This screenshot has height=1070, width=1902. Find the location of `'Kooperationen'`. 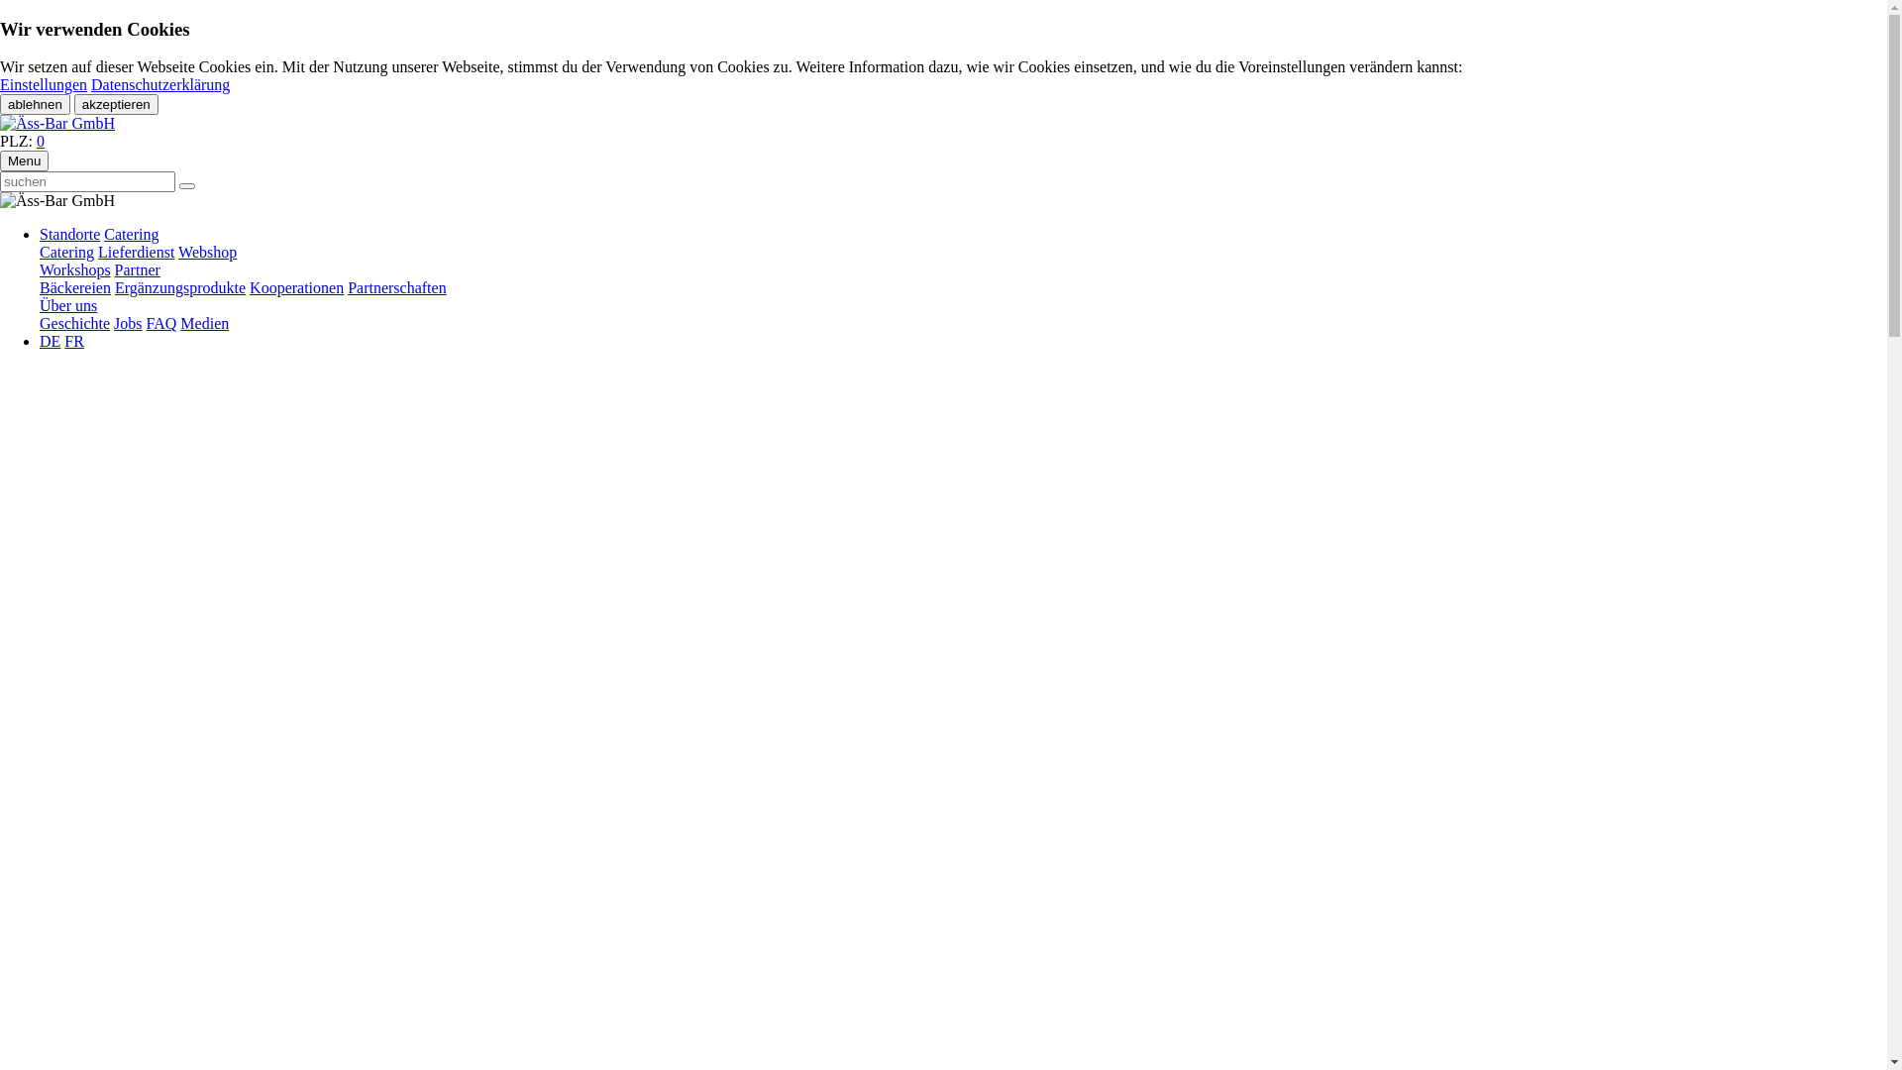

'Kooperationen' is located at coordinates (295, 287).